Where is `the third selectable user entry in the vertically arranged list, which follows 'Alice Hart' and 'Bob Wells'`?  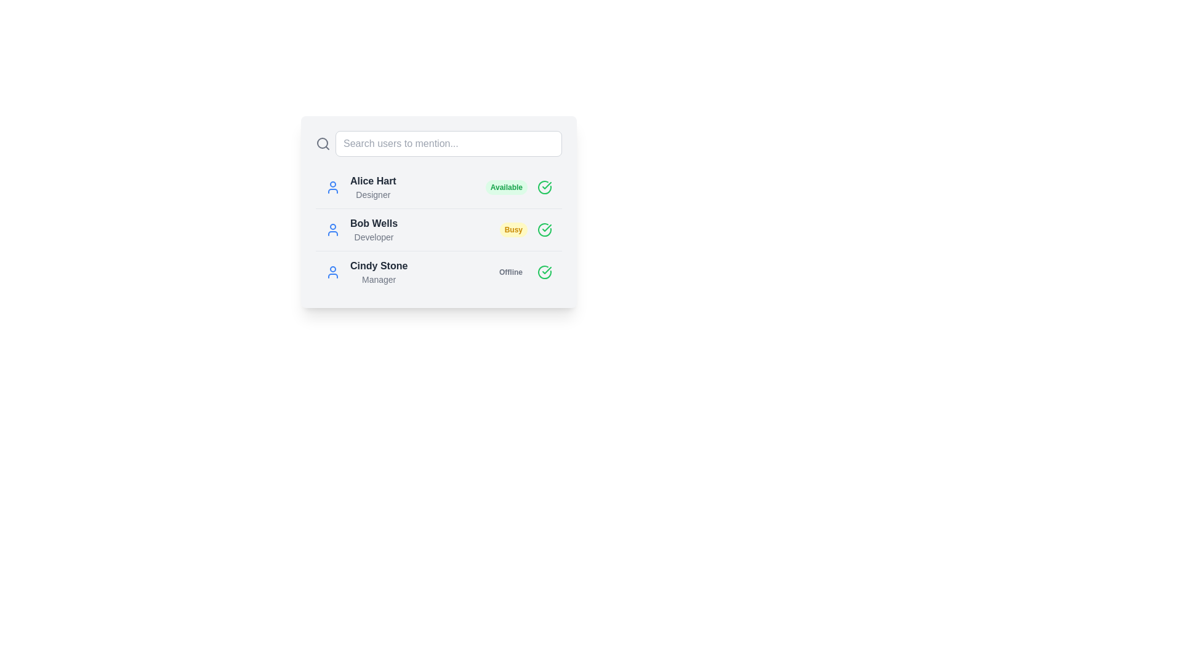 the third selectable user entry in the vertically arranged list, which follows 'Alice Hart' and 'Bob Wells' is located at coordinates (439, 271).